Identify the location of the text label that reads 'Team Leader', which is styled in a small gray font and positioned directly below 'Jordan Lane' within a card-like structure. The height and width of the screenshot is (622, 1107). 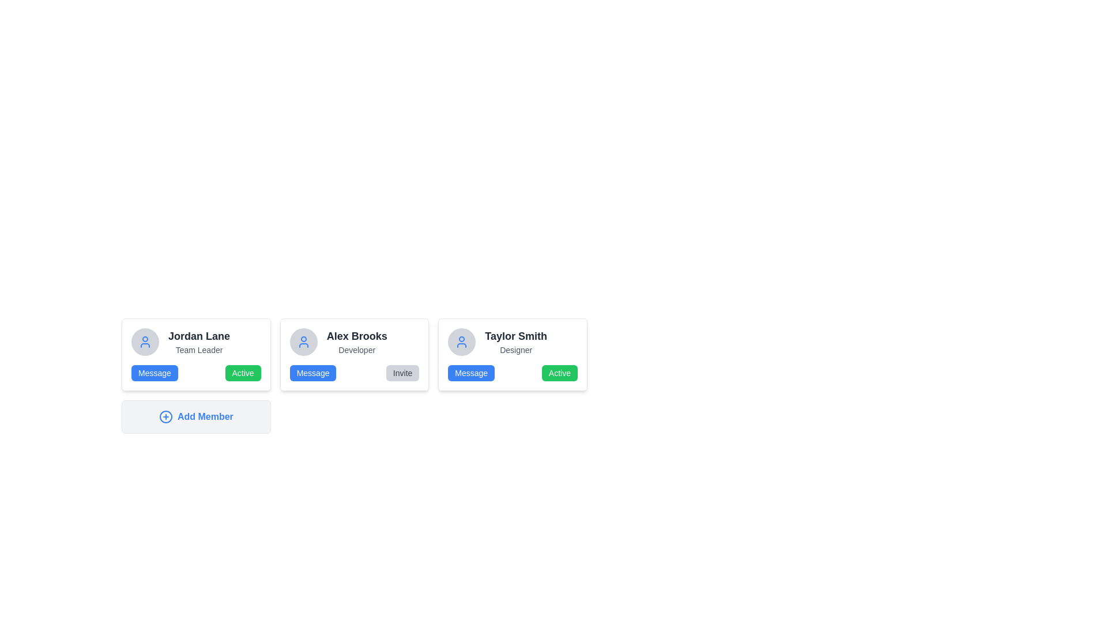
(199, 350).